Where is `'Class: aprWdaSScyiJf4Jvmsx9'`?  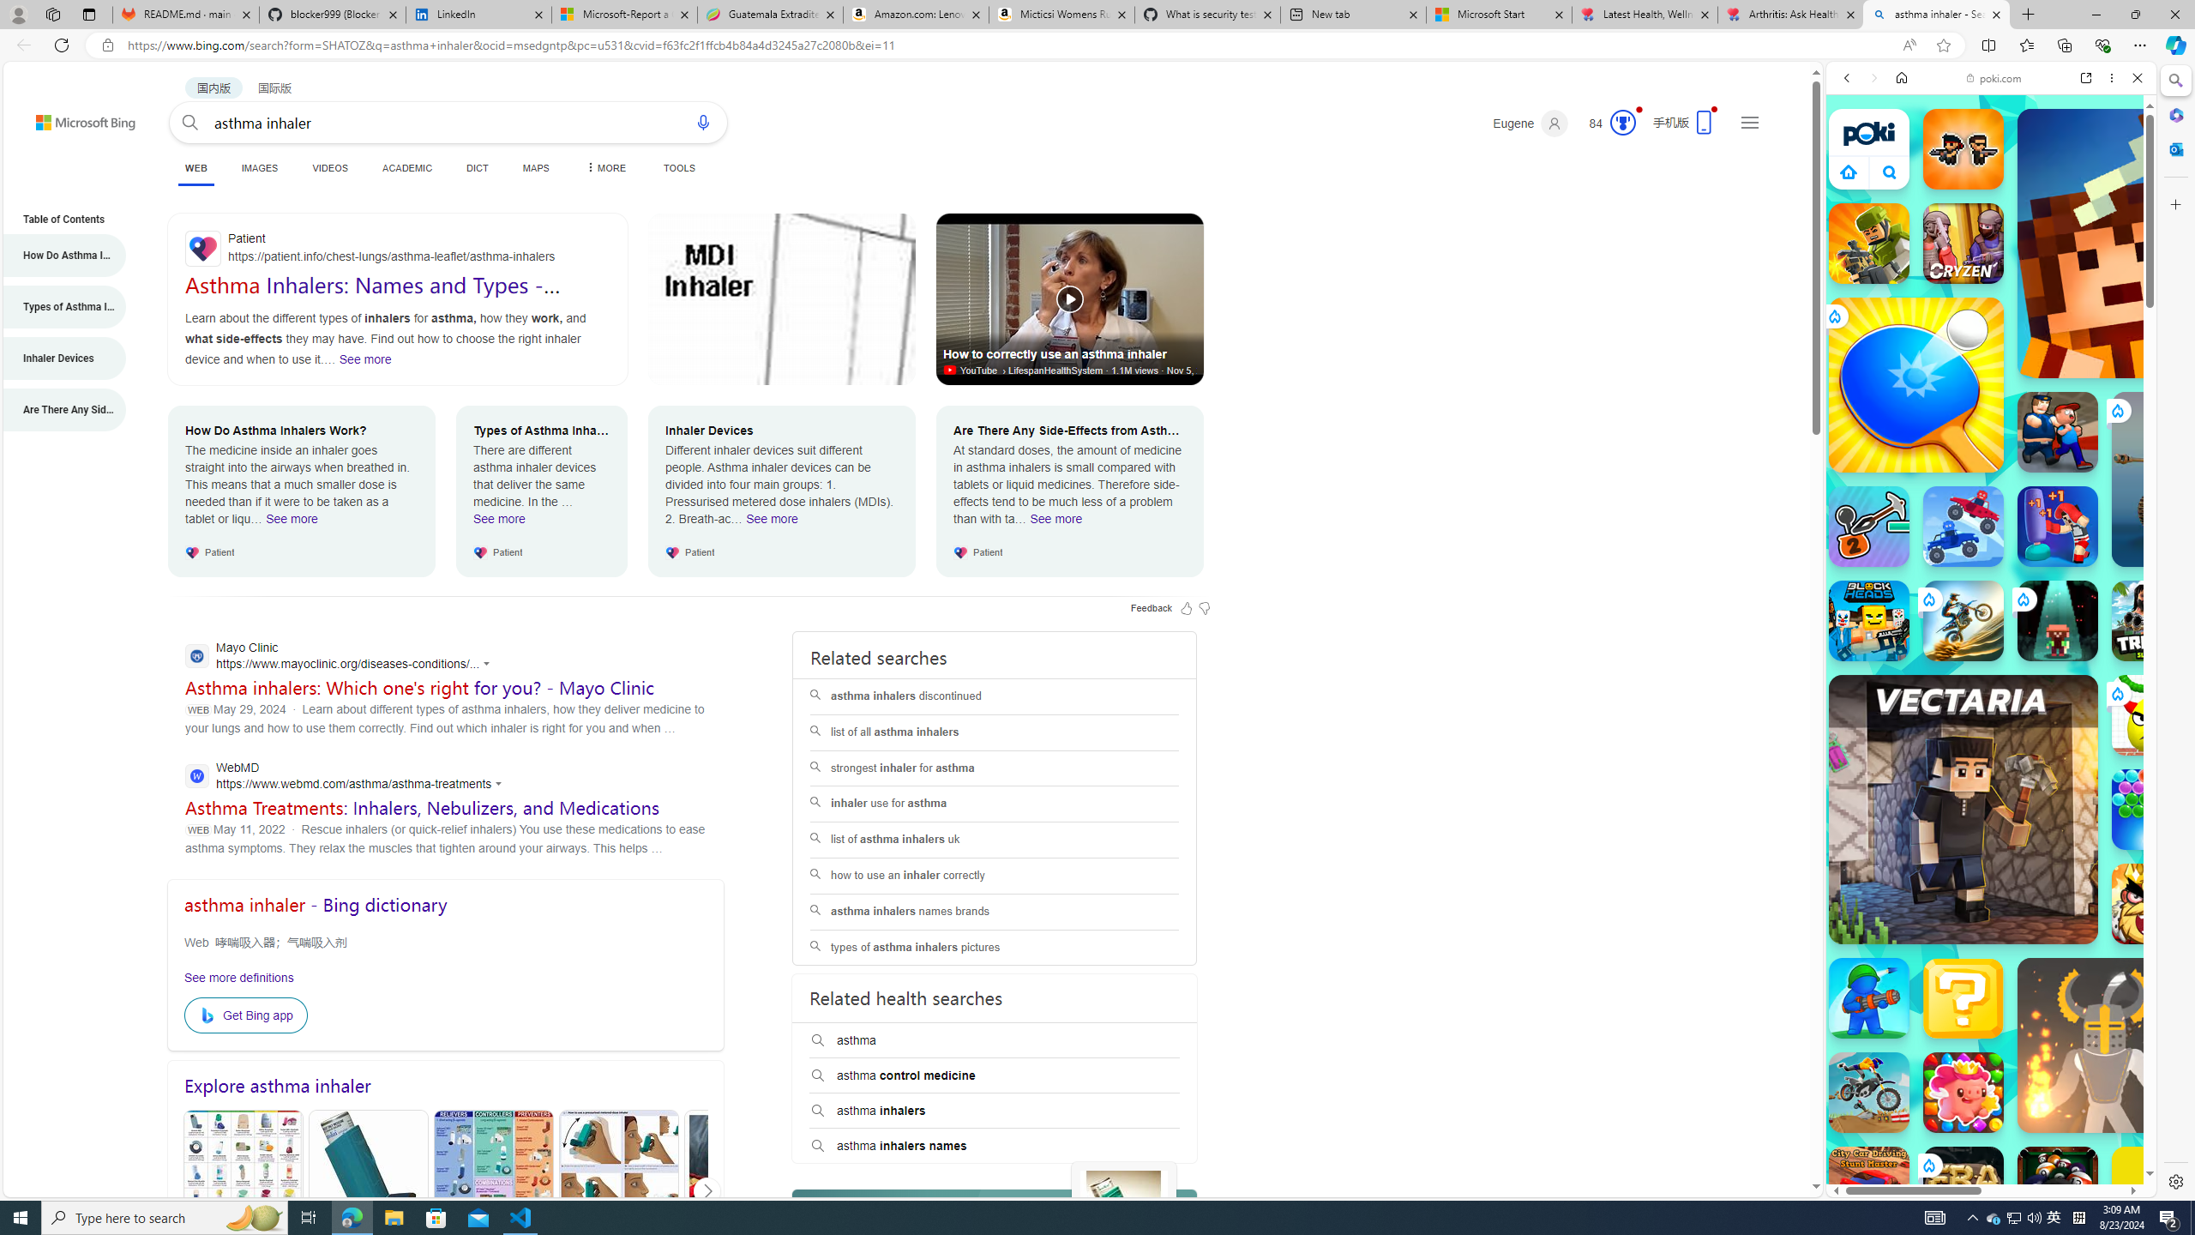
'Class: aprWdaSScyiJf4Jvmsx9' is located at coordinates (1848, 171).